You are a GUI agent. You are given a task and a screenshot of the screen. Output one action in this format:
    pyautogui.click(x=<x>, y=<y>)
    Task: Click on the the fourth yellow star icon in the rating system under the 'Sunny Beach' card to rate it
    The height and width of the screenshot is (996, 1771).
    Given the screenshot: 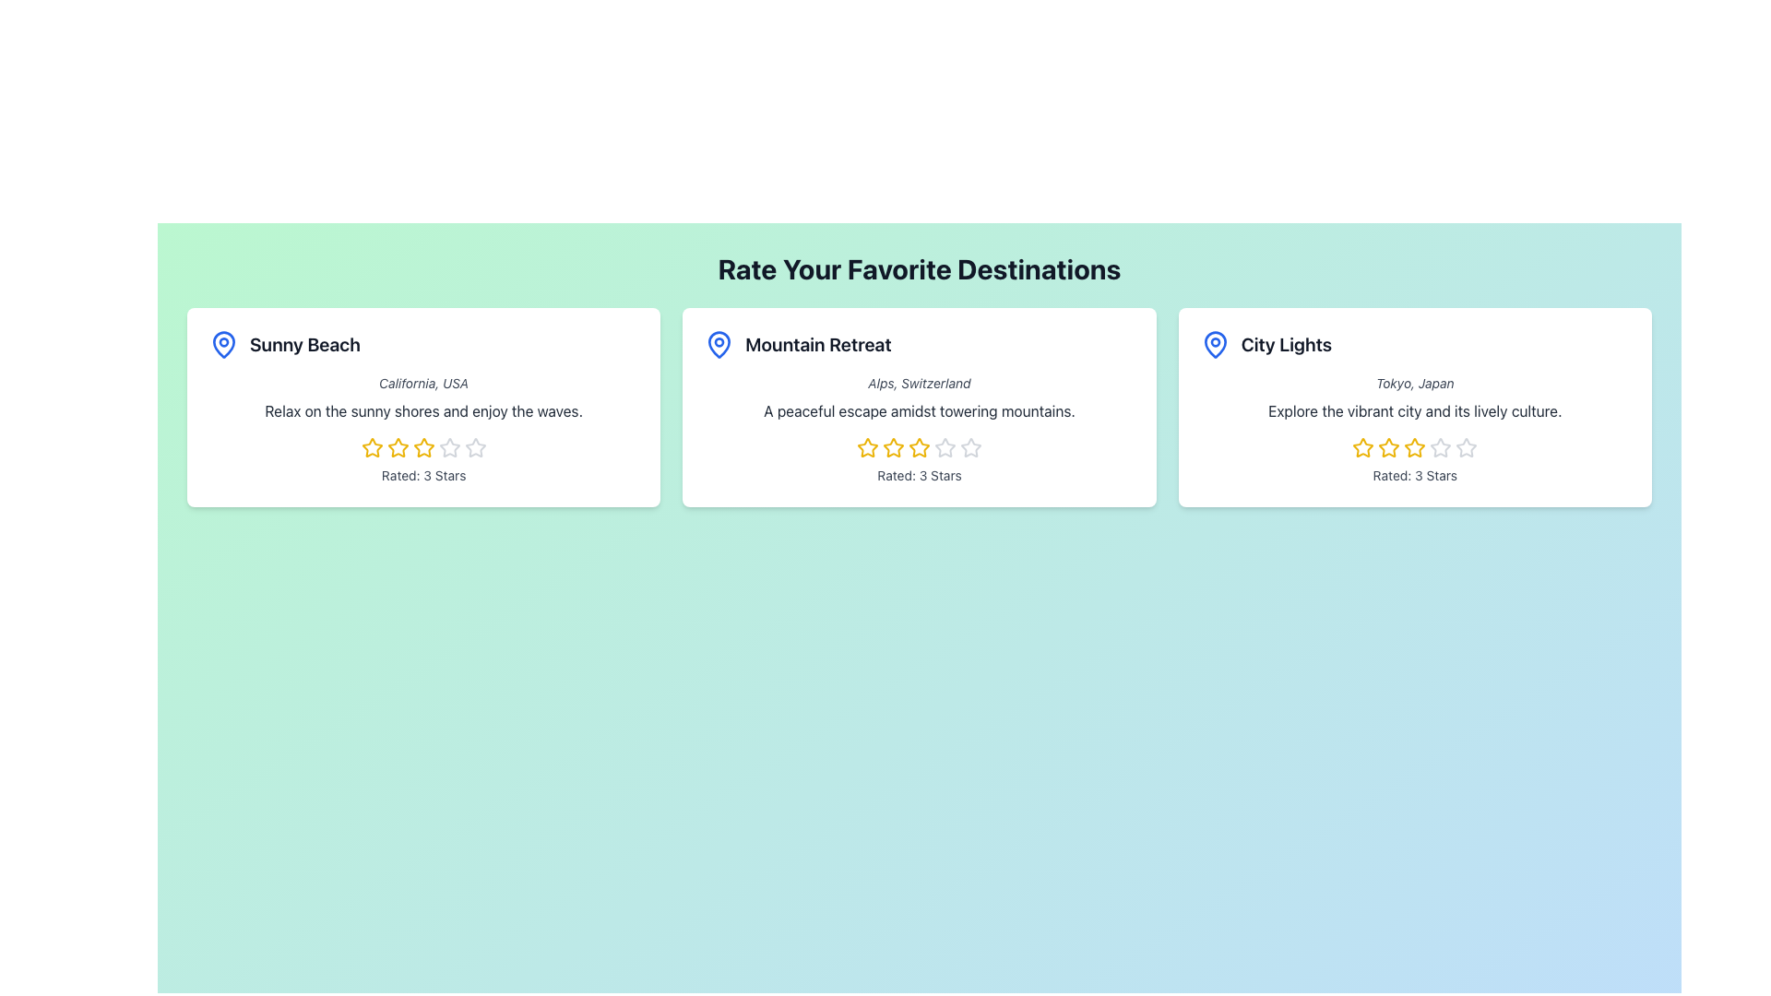 What is the action you would take?
    pyautogui.click(x=422, y=448)
    